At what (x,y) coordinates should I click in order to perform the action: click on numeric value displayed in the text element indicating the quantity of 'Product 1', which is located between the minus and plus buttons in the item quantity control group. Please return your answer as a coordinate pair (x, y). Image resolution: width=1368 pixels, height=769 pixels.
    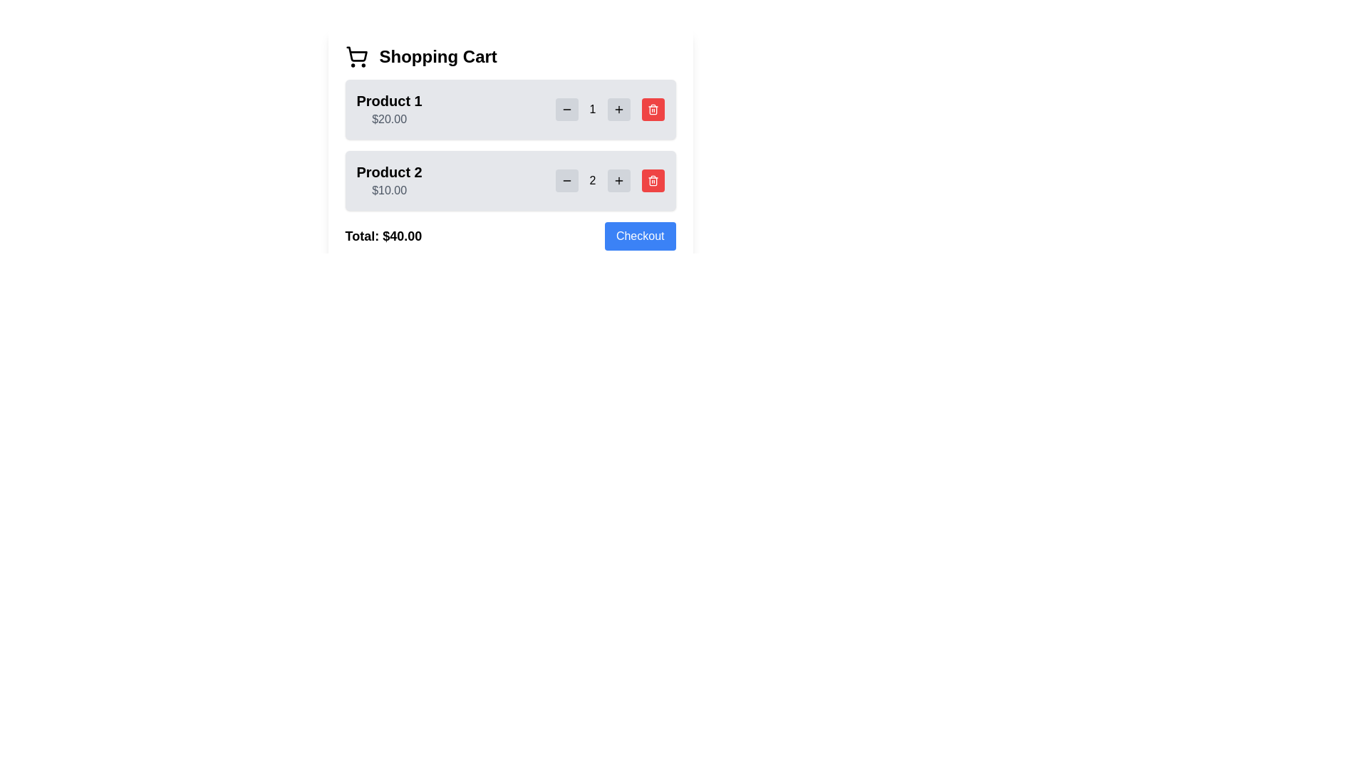
    Looking at the image, I should click on (593, 109).